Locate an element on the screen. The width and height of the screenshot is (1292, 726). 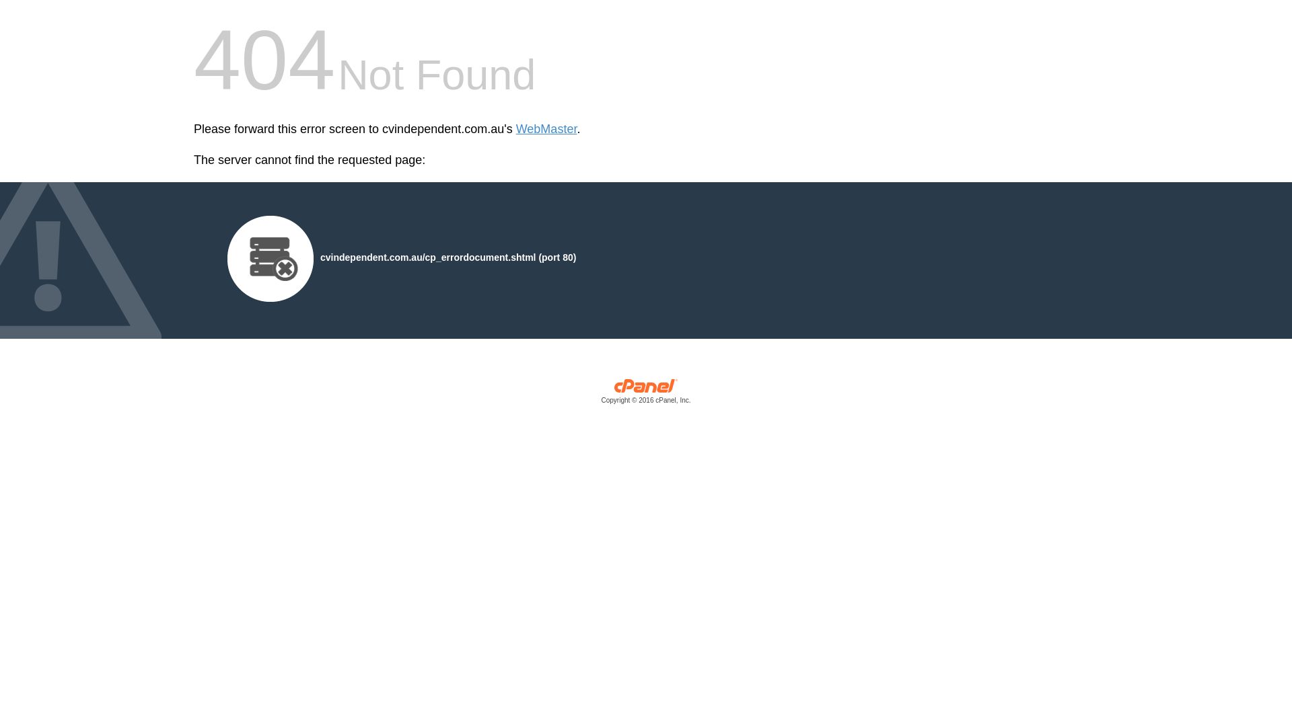
'WebMaster' is located at coordinates (546, 129).